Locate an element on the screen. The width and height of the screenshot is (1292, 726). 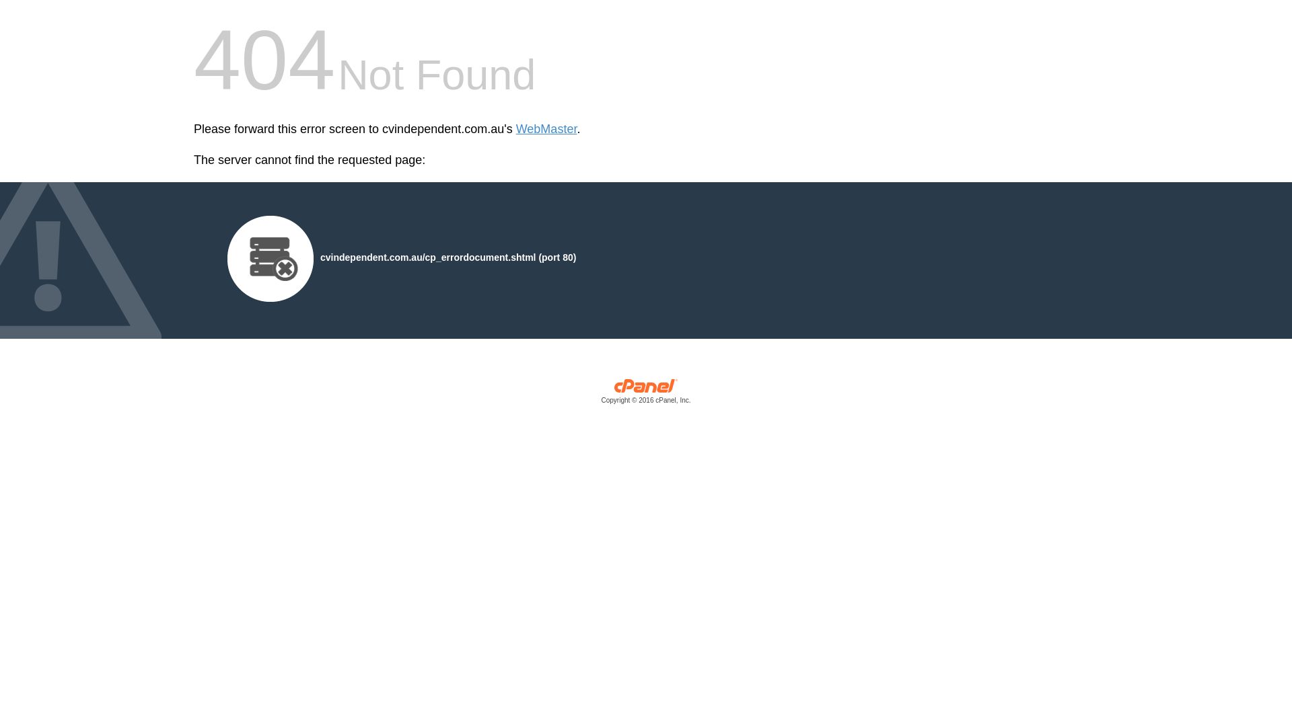
'WebMaster' is located at coordinates (546, 129).